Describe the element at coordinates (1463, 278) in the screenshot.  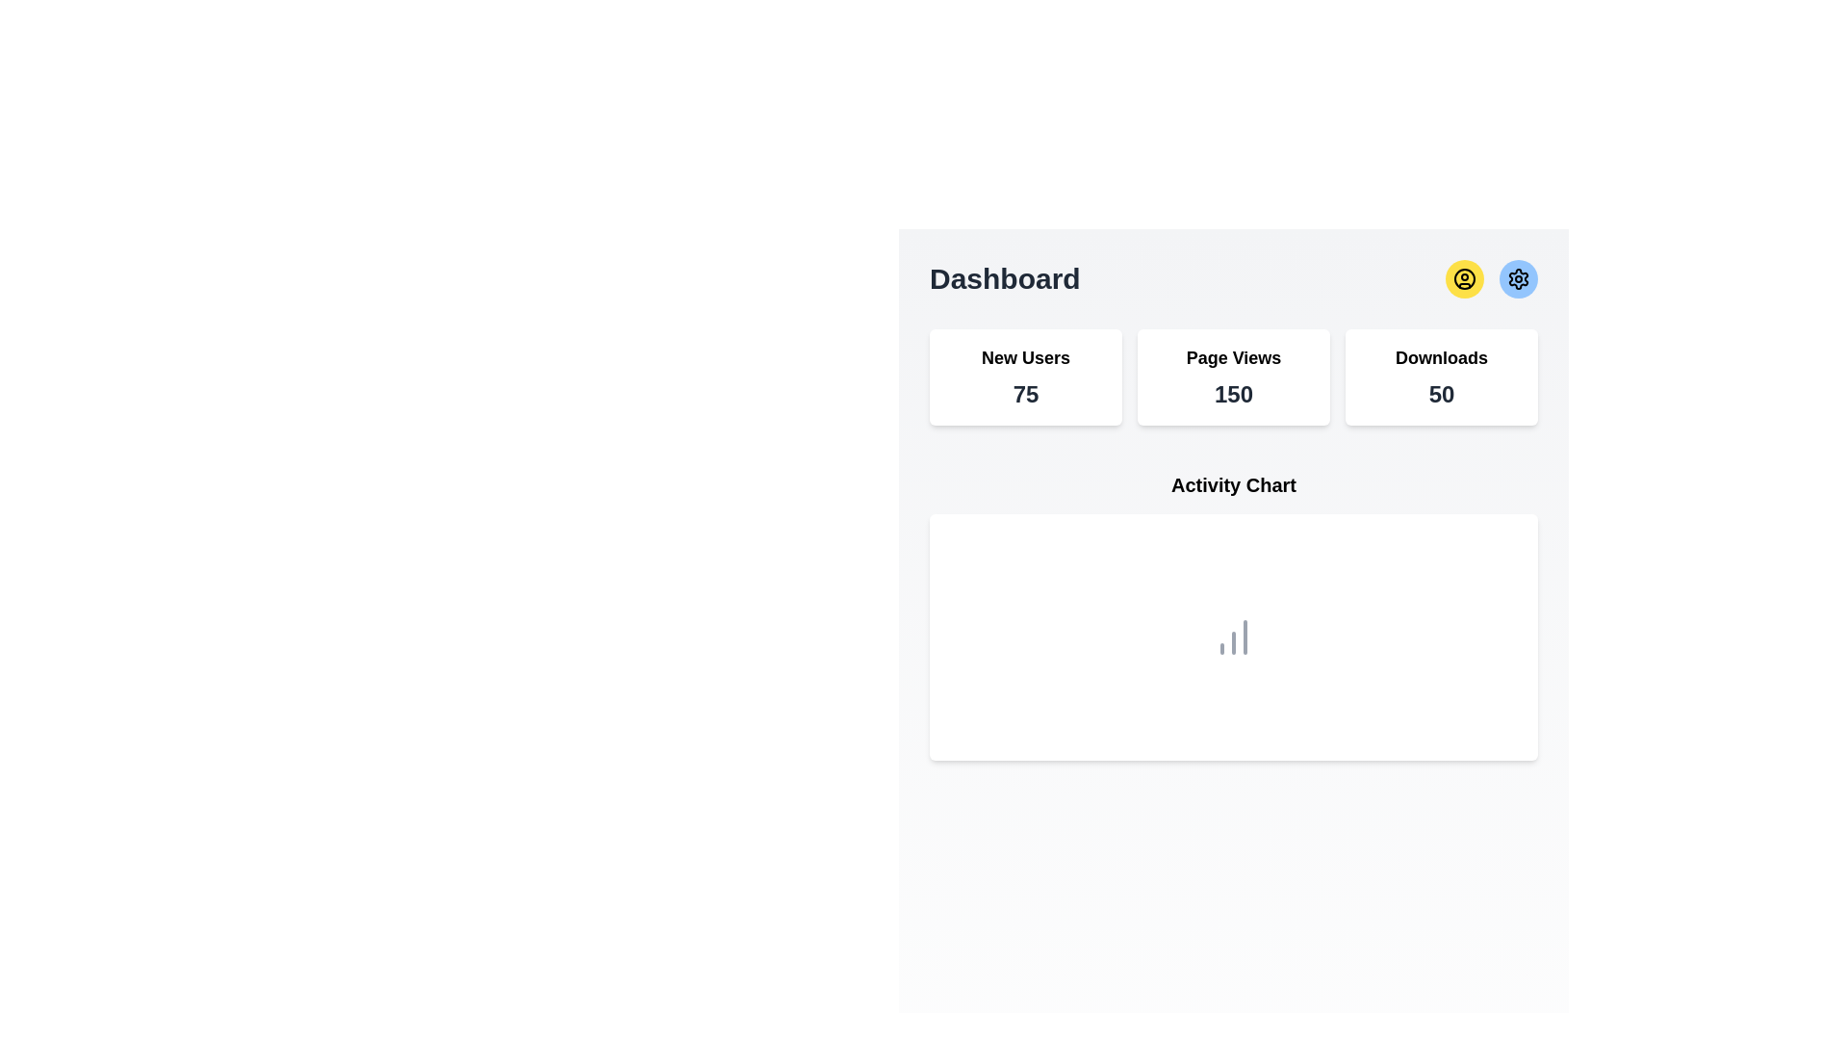
I see `the SVG Circle element that represents part of a user profile or account-related icon located at the top right corner of the interface, adjacent to a settings gear icon` at that location.